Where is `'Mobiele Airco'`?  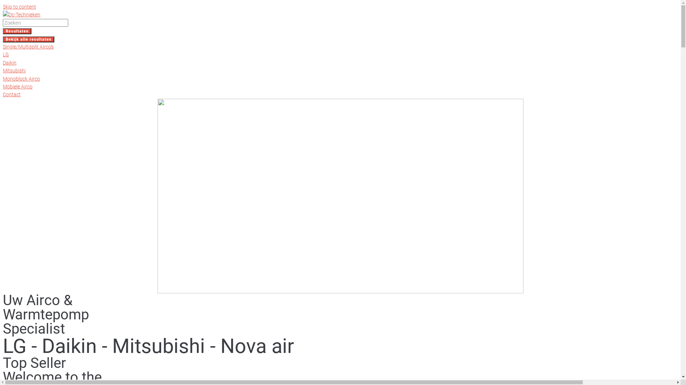
'Mobiele Airco' is located at coordinates (18, 86).